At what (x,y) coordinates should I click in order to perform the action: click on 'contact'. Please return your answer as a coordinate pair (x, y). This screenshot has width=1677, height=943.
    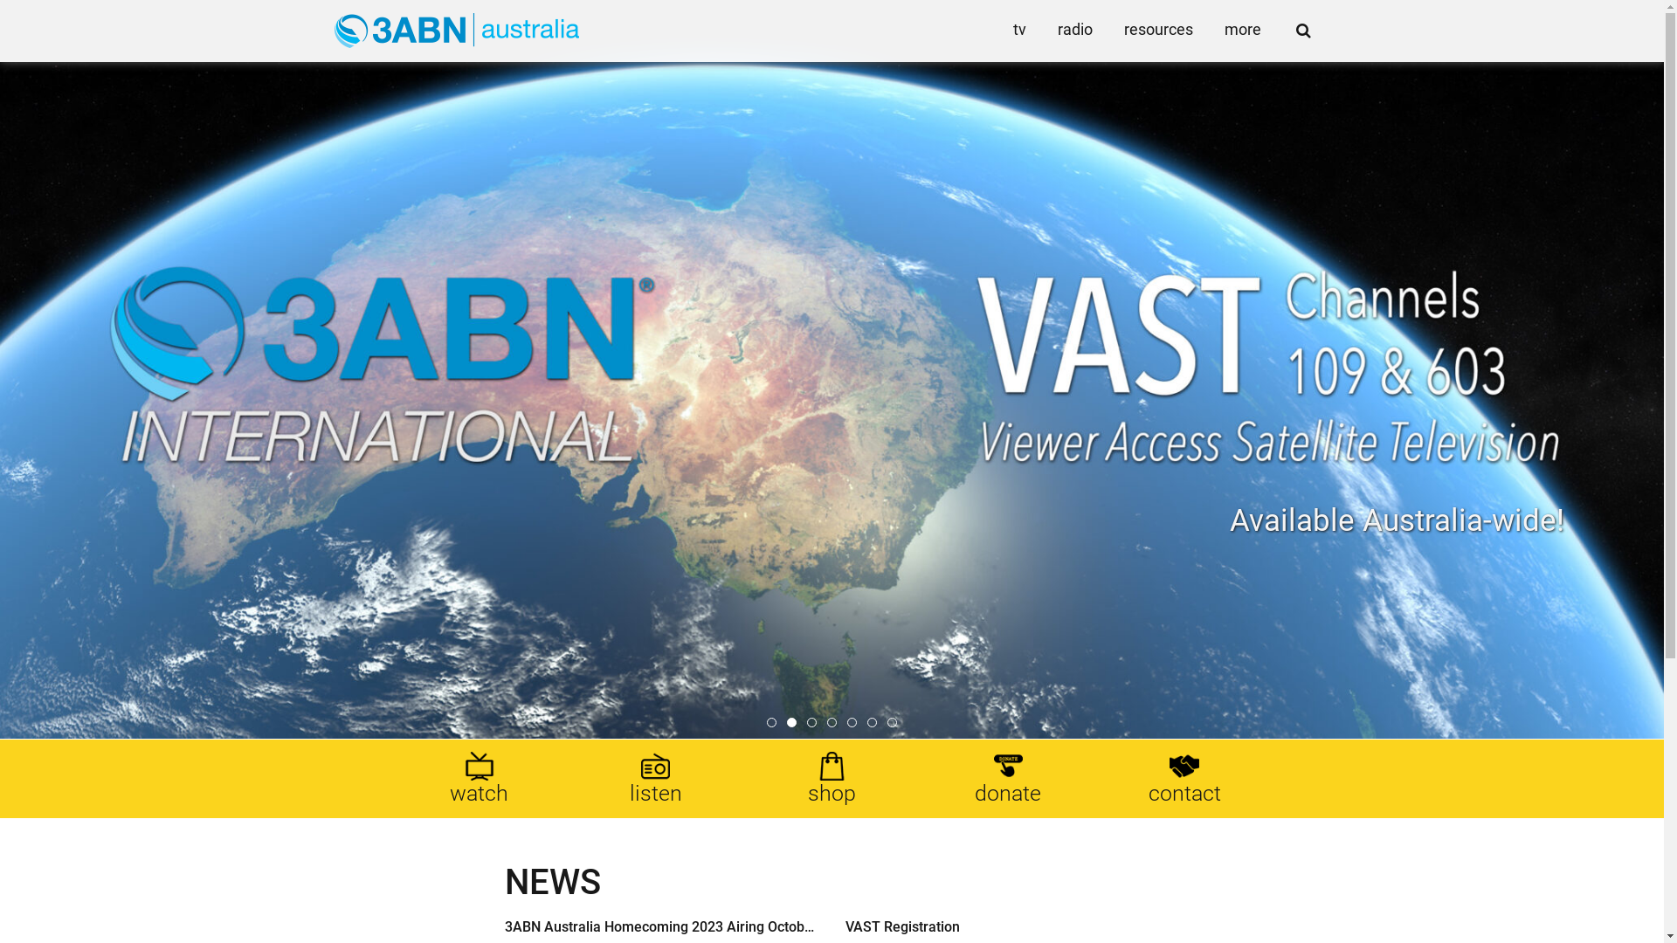
    Looking at the image, I should click on (1184, 777).